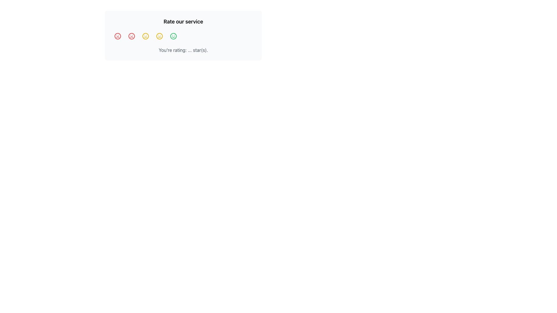 This screenshot has height=313, width=557. I want to click on the yellow circular icon with a thin stroke, which is the base circle of the third emoji-like symbol in a horizontal set of five icons, located below the heading 'Rate our service', so click(160, 36).